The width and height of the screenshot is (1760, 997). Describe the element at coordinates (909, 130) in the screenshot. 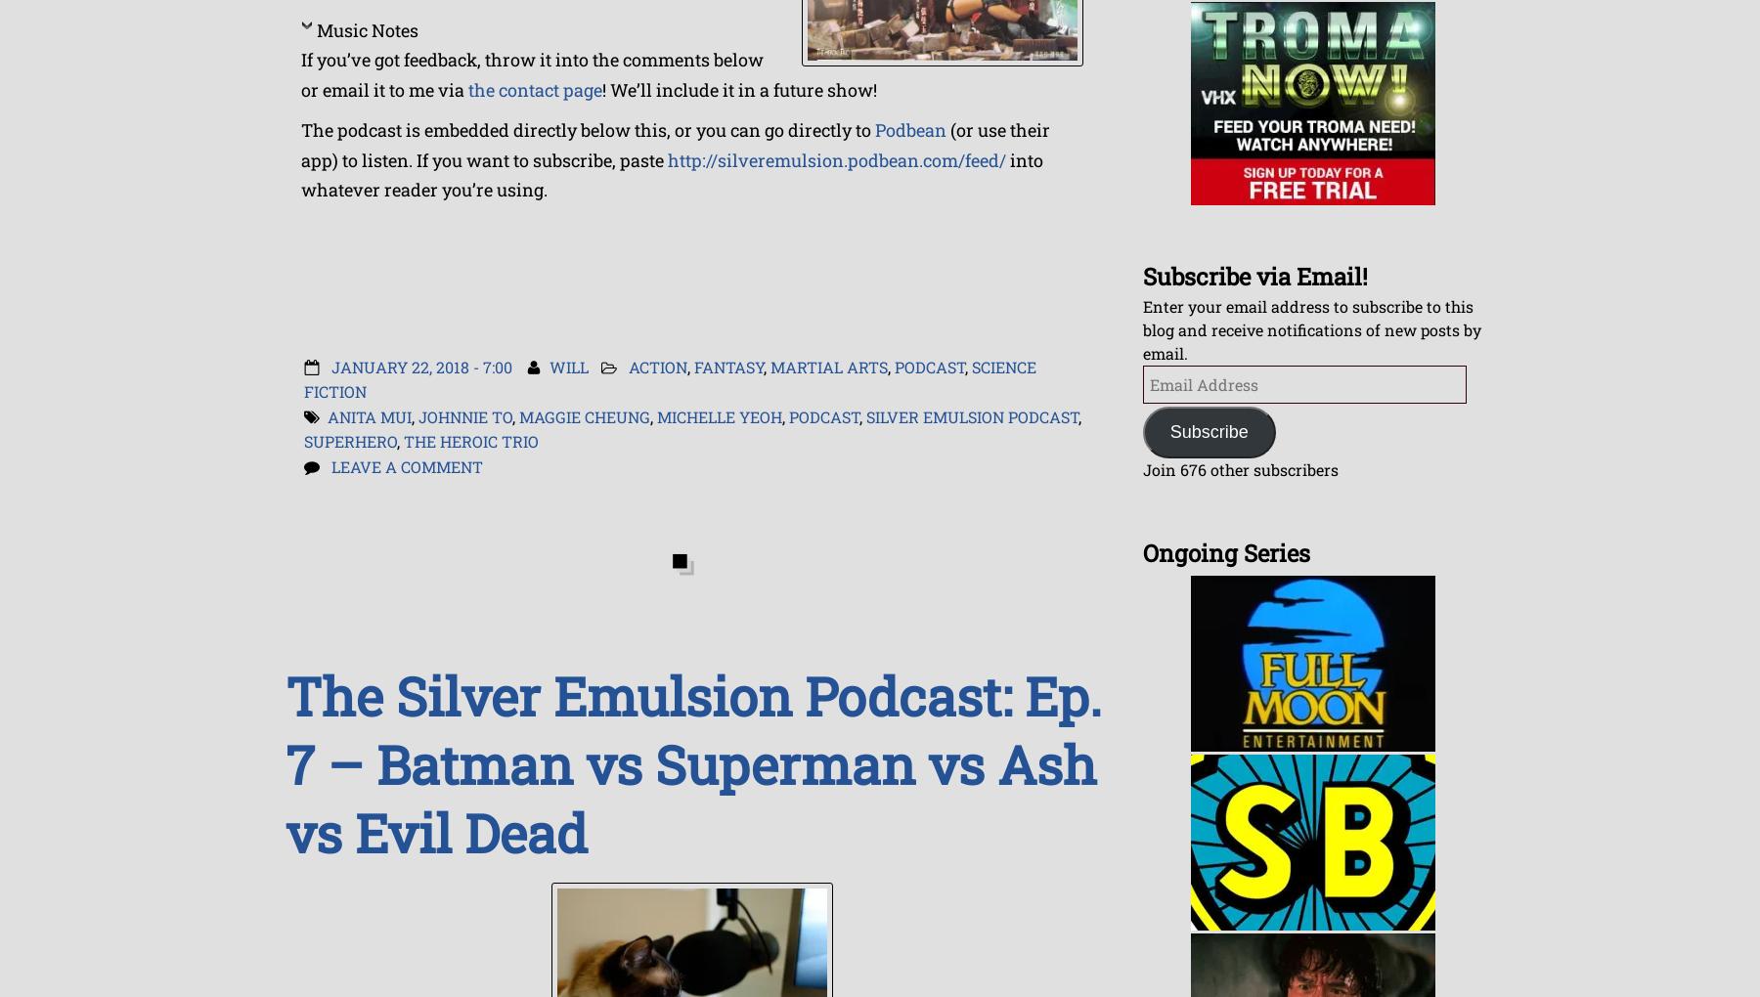

I see `'Podbean'` at that location.